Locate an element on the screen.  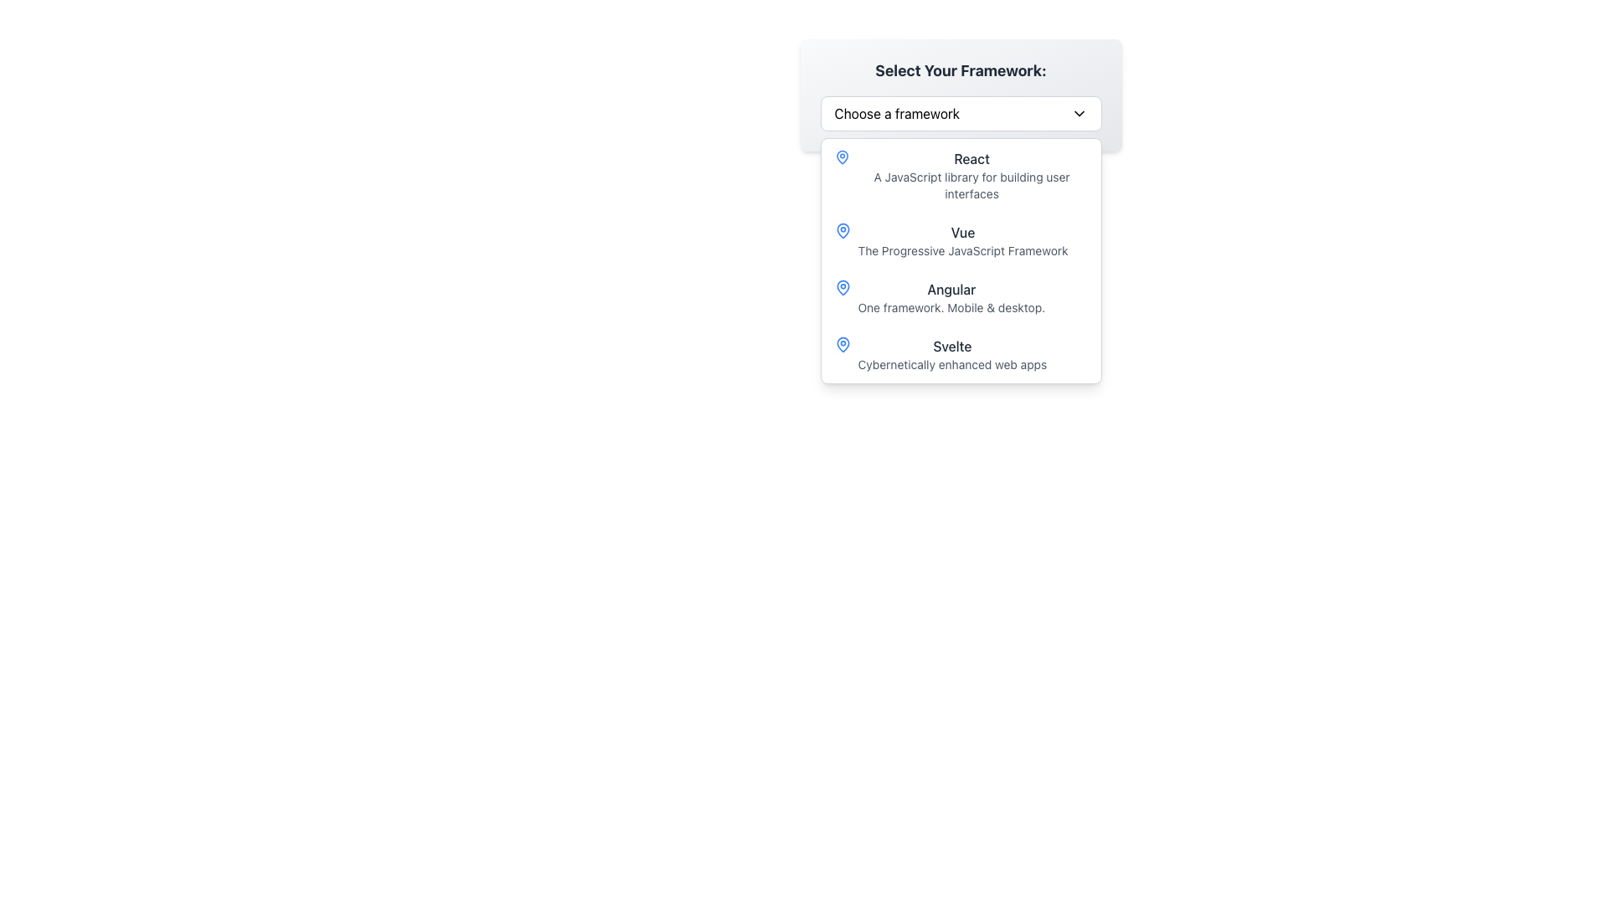
descriptive text below the 'React' heading in the dropdown list, which provides additional context about the React framework is located at coordinates (971, 186).